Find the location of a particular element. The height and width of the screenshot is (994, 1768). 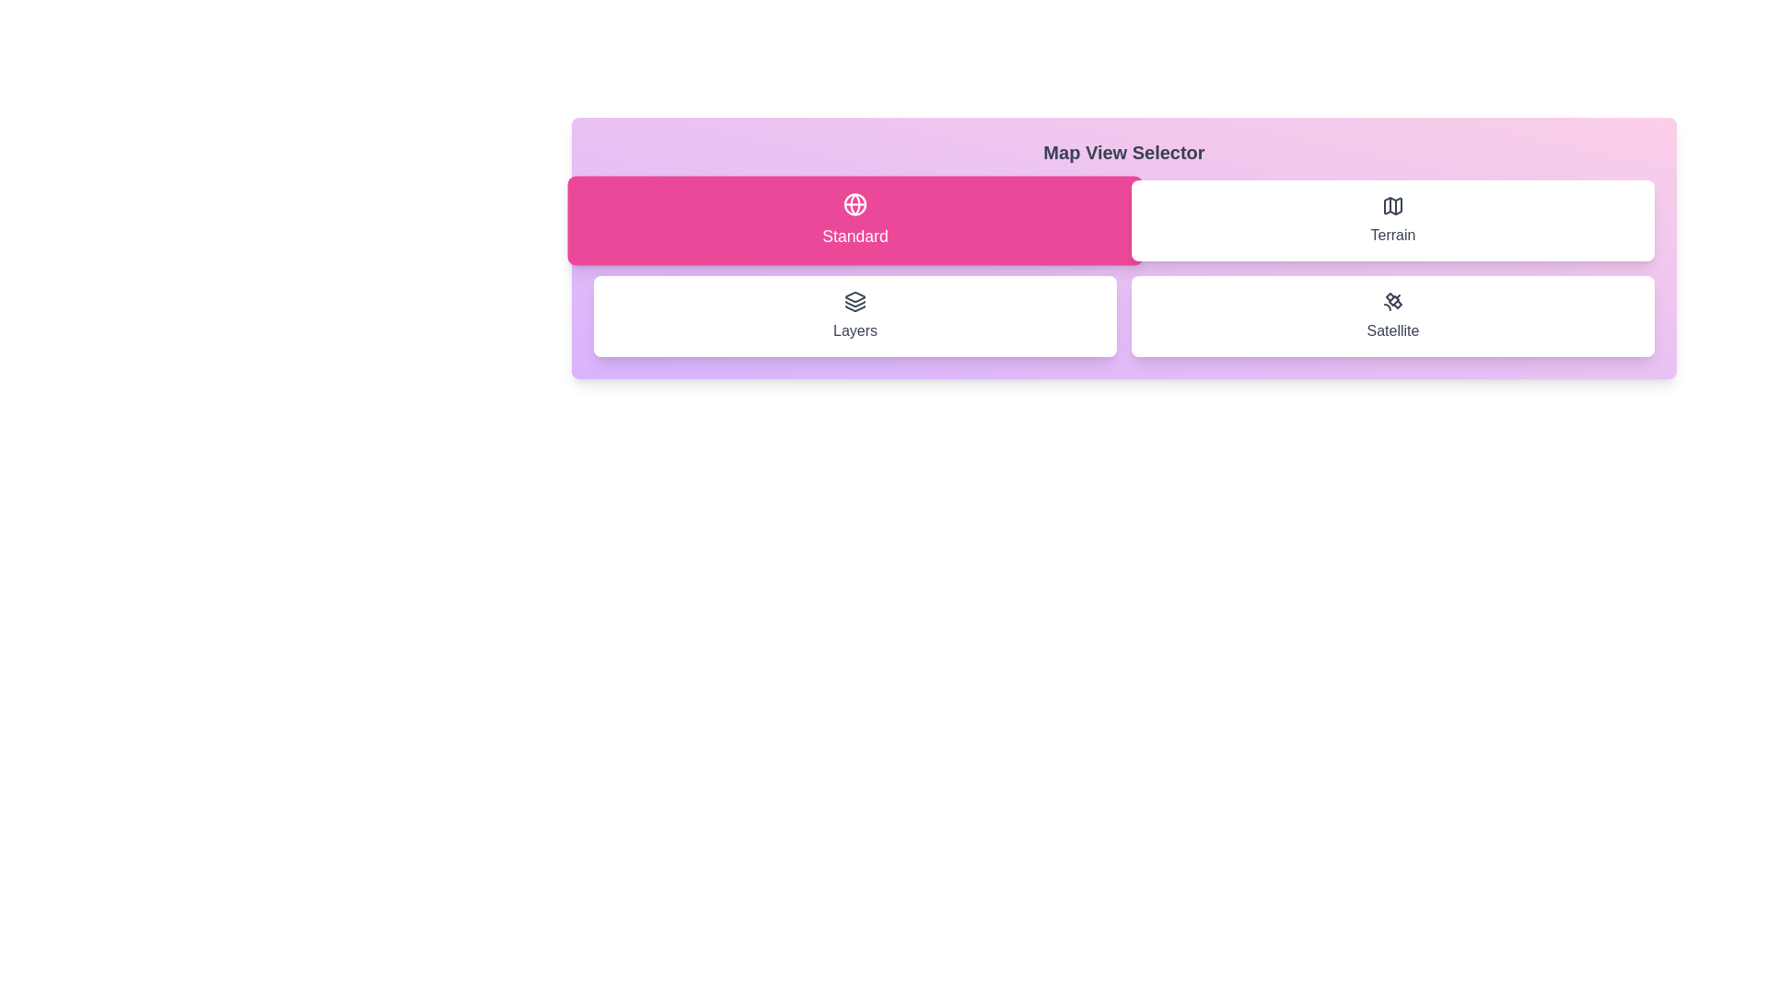

the button corresponding to the map view option Satellite is located at coordinates (1392, 315).